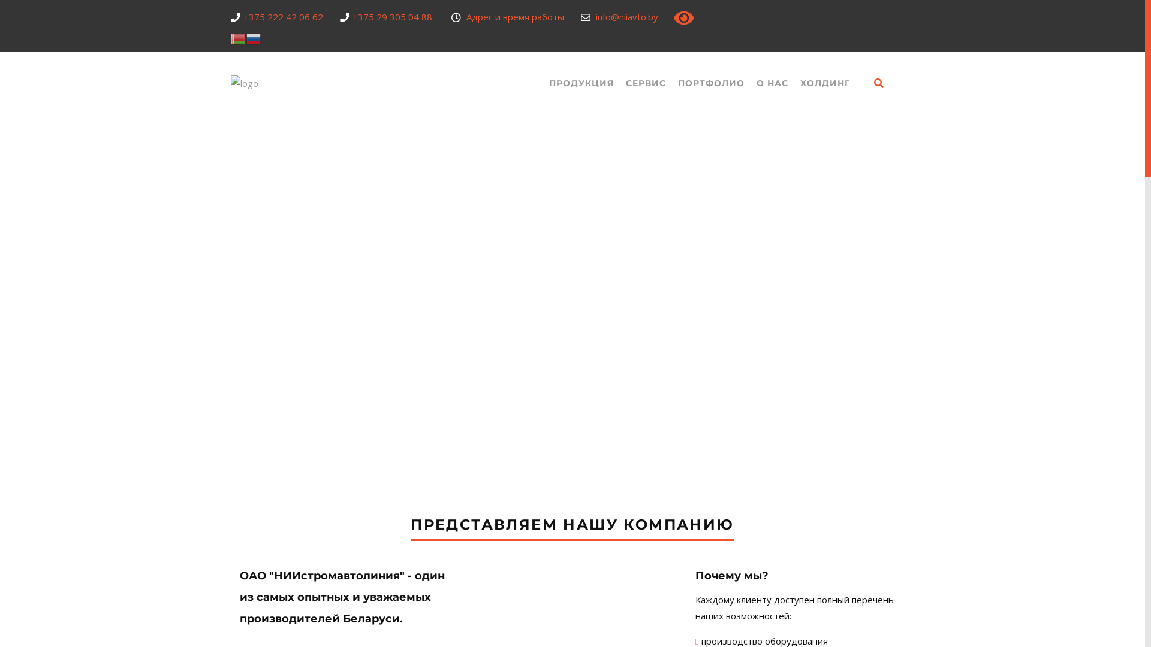  Describe the element at coordinates (352, 16) in the screenshot. I see `'+375 29 305 04 88'` at that location.